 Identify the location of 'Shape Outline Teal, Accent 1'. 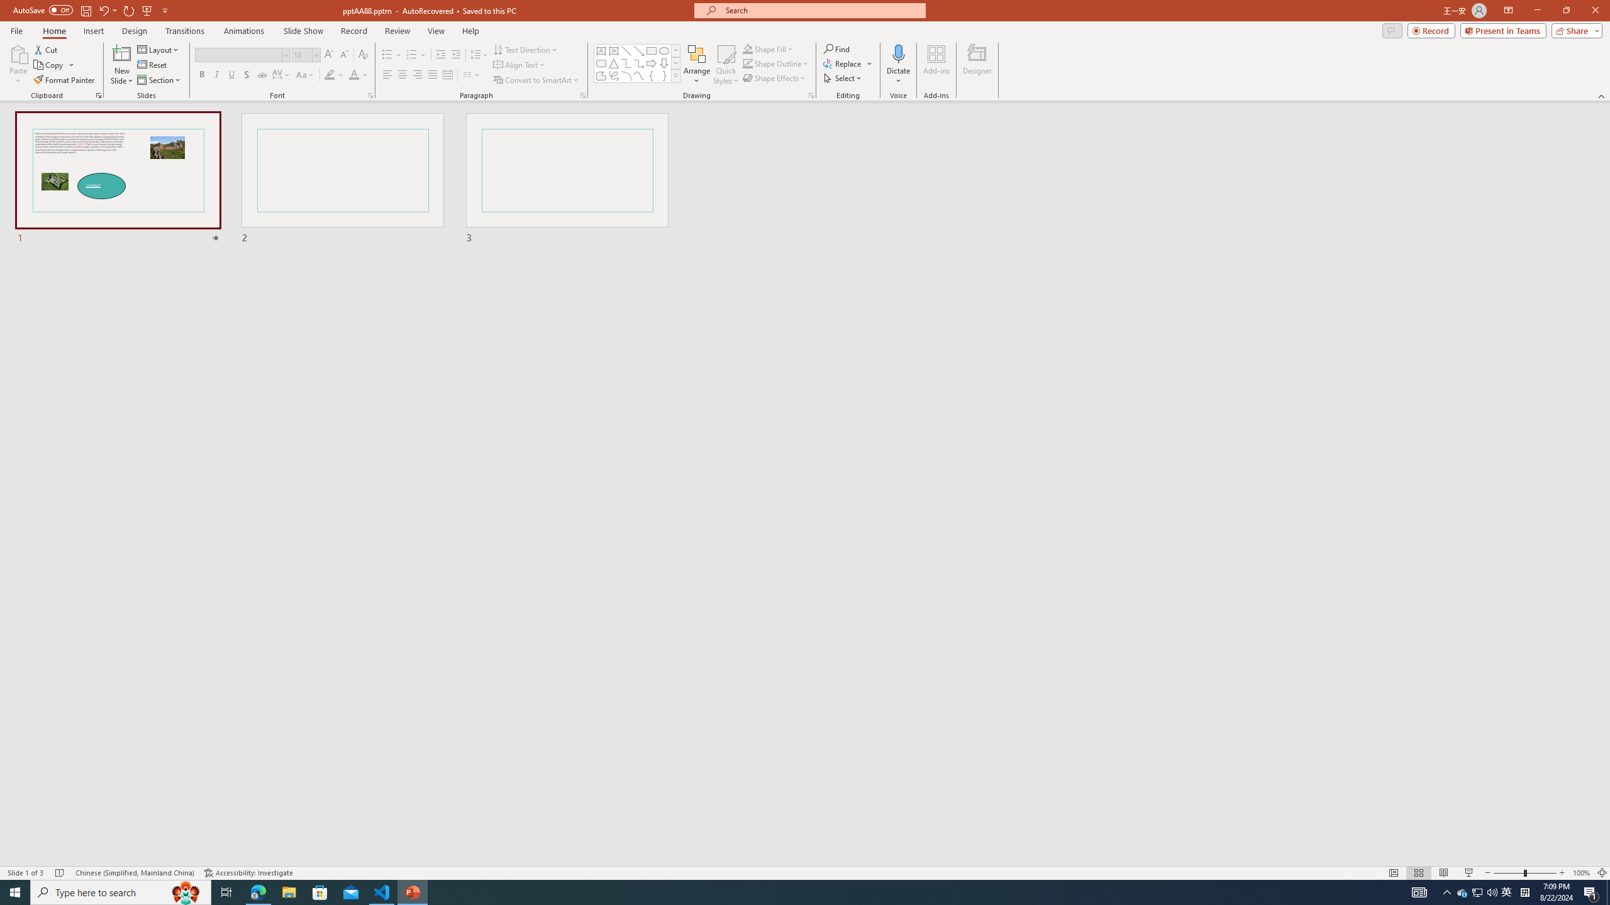
(748, 62).